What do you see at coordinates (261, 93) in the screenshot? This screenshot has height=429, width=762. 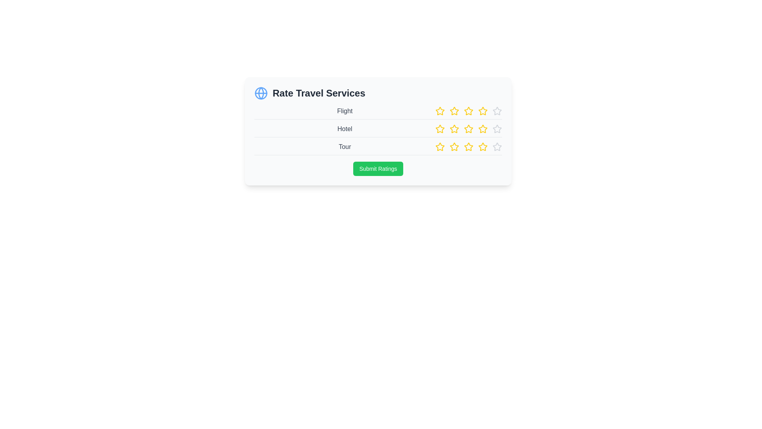 I see `the middle curved line of the globe icon, which is positioned to the left of the 'Rate Travel Services' heading` at bounding box center [261, 93].